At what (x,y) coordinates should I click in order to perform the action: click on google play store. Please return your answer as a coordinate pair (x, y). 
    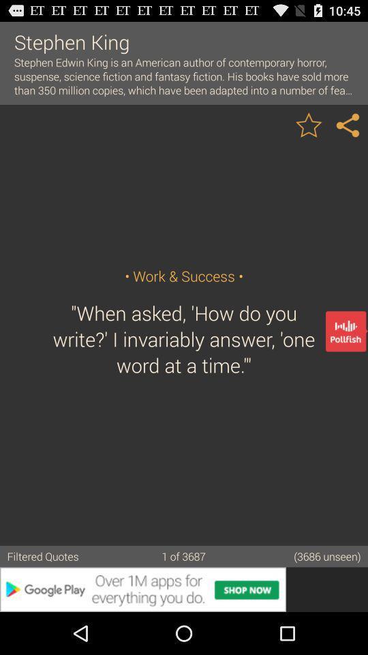
    Looking at the image, I should click on (184, 589).